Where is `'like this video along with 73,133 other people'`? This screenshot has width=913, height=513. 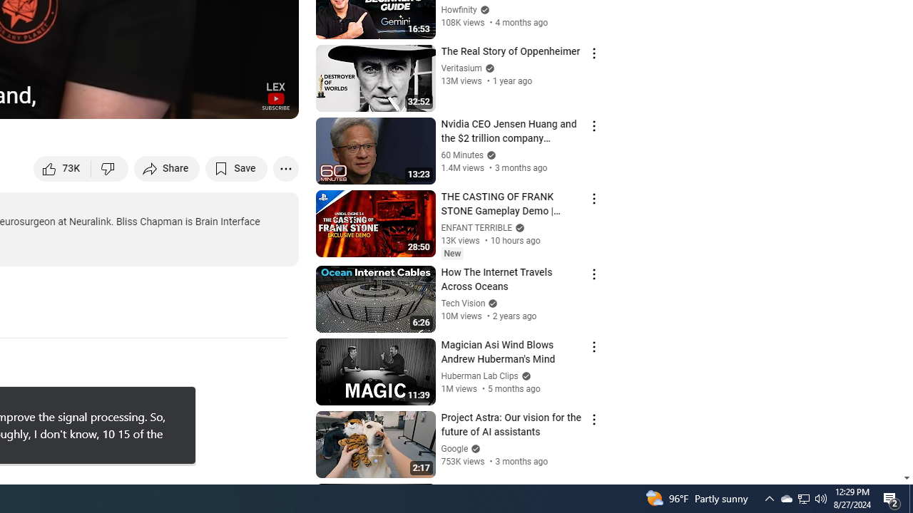
'like this video along with 73,133 other people' is located at coordinates (62, 167).